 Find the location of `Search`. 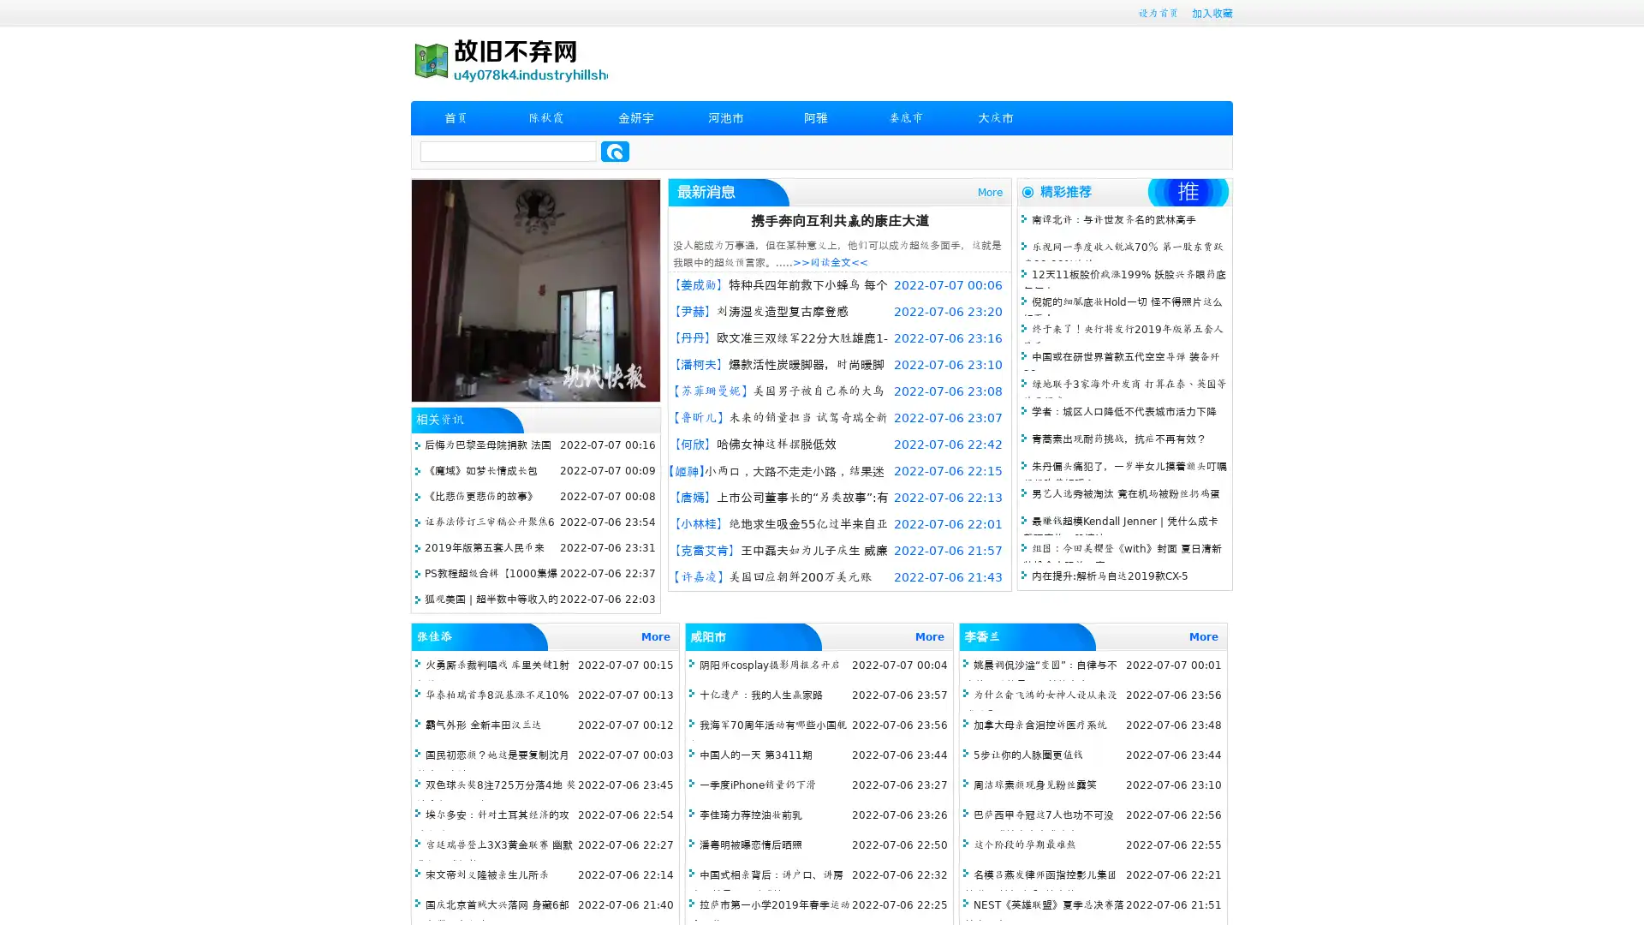

Search is located at coordinates (615, 151).